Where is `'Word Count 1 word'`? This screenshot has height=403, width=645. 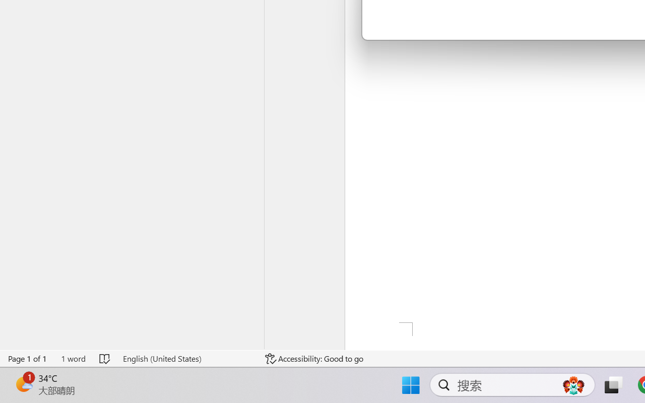
'Word Count 1 word' is located at coordinates (73, 358).